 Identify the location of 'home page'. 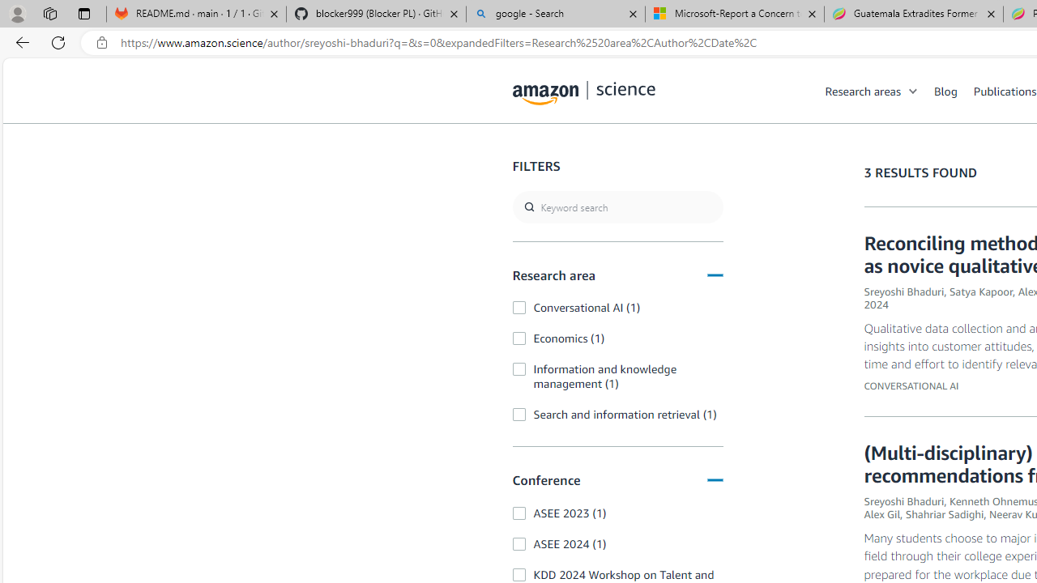
(583, 89).